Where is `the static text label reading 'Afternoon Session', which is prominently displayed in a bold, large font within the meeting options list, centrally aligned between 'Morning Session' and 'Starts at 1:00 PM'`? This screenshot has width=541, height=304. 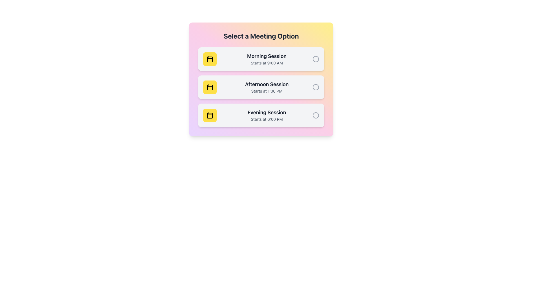 the static text label reading 'Afternoon Session', which is prominently displayed in a bold, large font within the meeting options list, centrally aligned between 'Morning Session' and 'Starts at 1:00 PM' is located at coordinates (266, 84).